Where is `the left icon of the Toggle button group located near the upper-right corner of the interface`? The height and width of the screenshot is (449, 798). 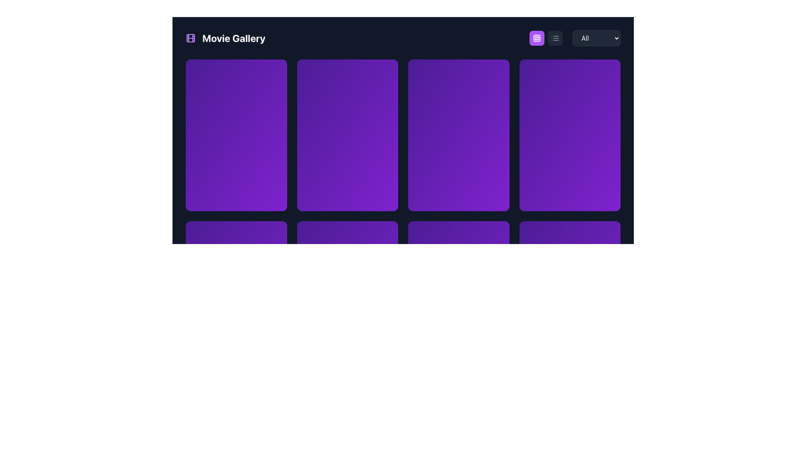 the left icon of the Toggle button group located near the upper-right corner of the interface is located at coordinates (546, 38).